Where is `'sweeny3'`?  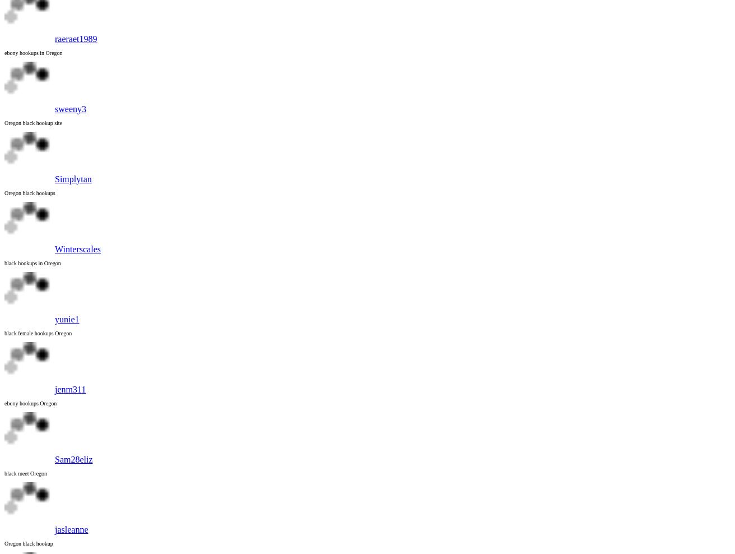
'sweeny3' is located at coordinates (55, 109).